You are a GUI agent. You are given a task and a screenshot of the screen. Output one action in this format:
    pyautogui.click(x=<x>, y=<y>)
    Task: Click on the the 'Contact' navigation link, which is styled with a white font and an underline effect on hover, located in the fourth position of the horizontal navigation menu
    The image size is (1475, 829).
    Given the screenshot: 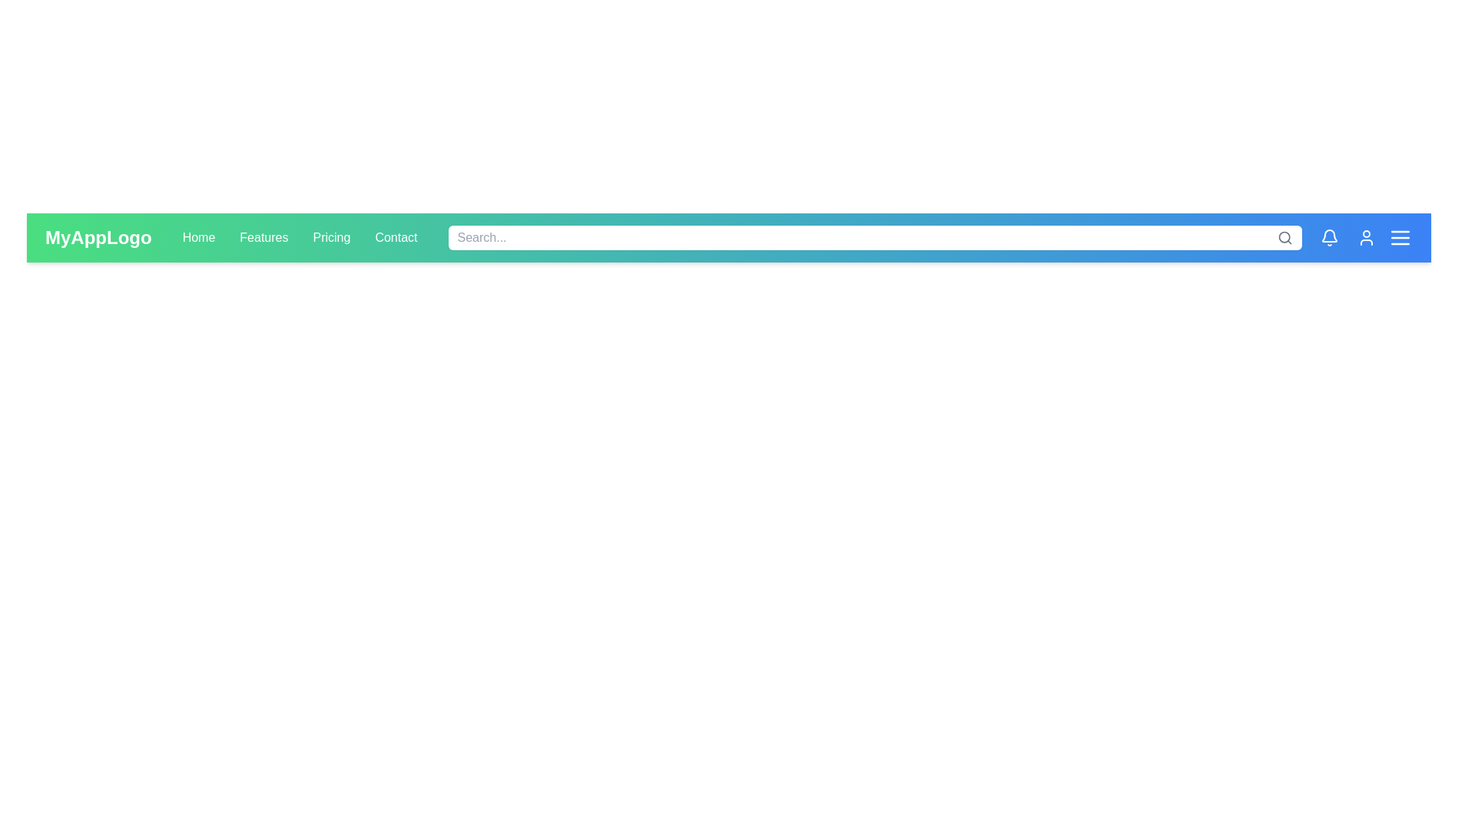 What is the action you would take?
    pyautogui.click(x=396, y=237)
    